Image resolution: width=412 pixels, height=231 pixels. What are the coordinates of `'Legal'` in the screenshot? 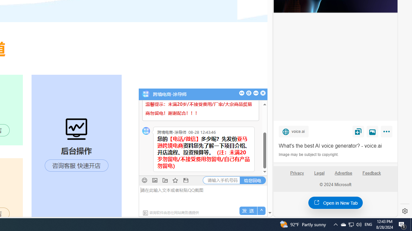 It's located at (319, 173).